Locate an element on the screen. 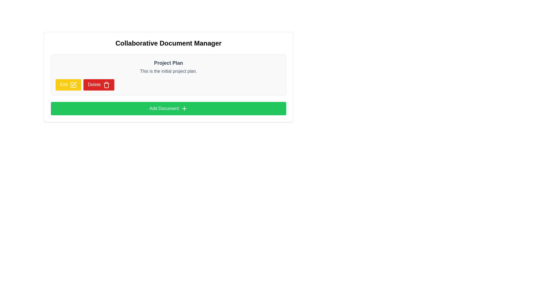  the deletion icon located within the Delete button area, adjacent to the Edit button in the center-left of the modal is located at coordinates (106, 85).